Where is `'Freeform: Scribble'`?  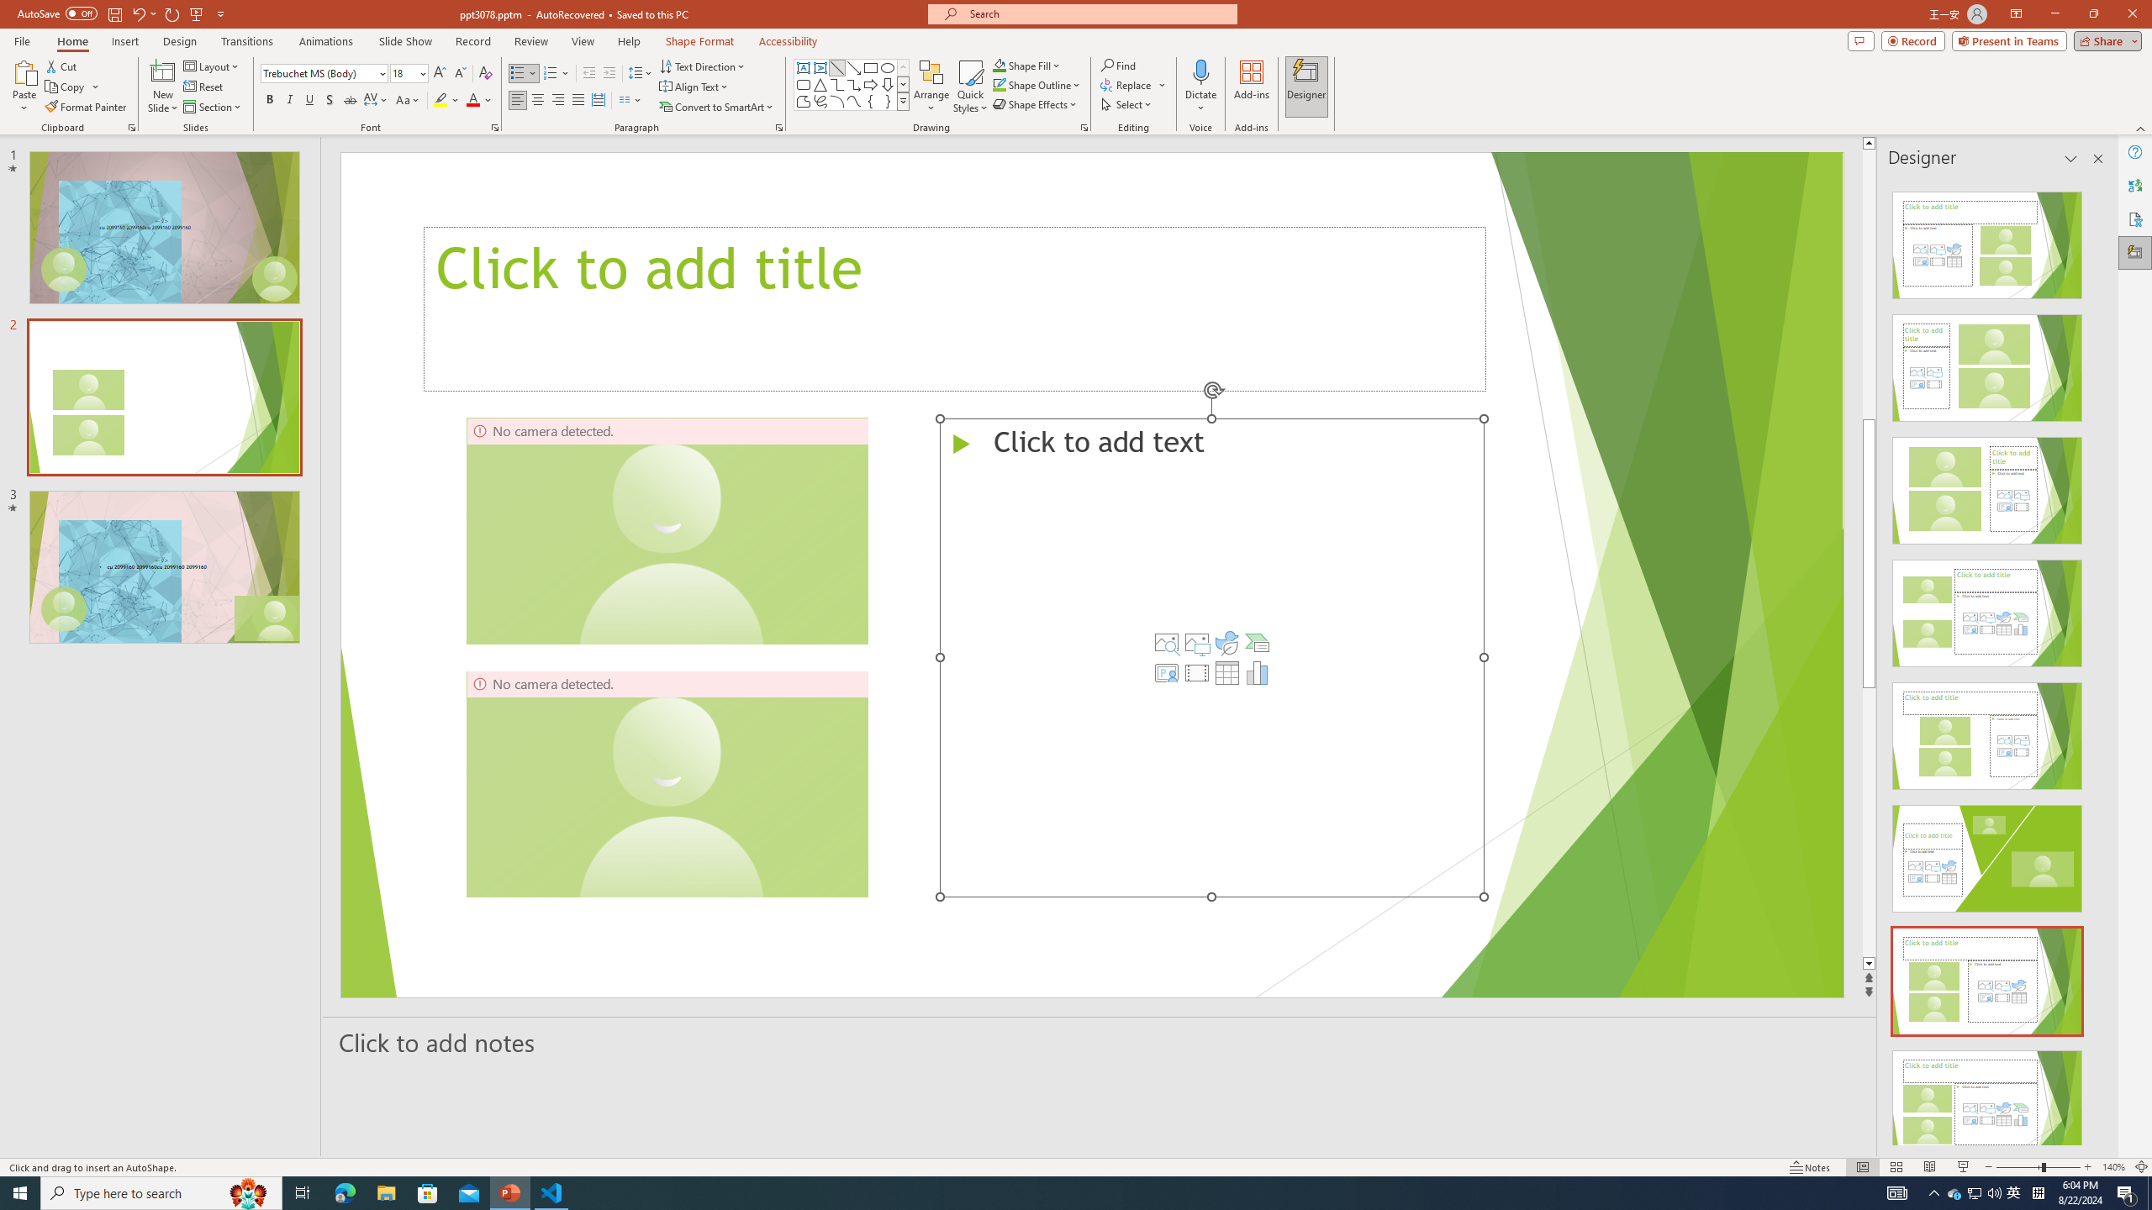 'Freeform: Scribble' is located at coordinates (819, 100).